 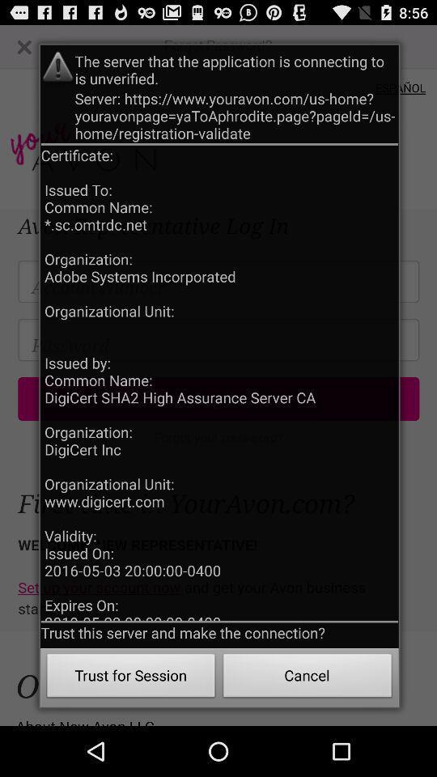 What do you see at coordinates (308, 677) in the screenshot?
I see `button at the bottom right corner` at bounding box center [308, 677].